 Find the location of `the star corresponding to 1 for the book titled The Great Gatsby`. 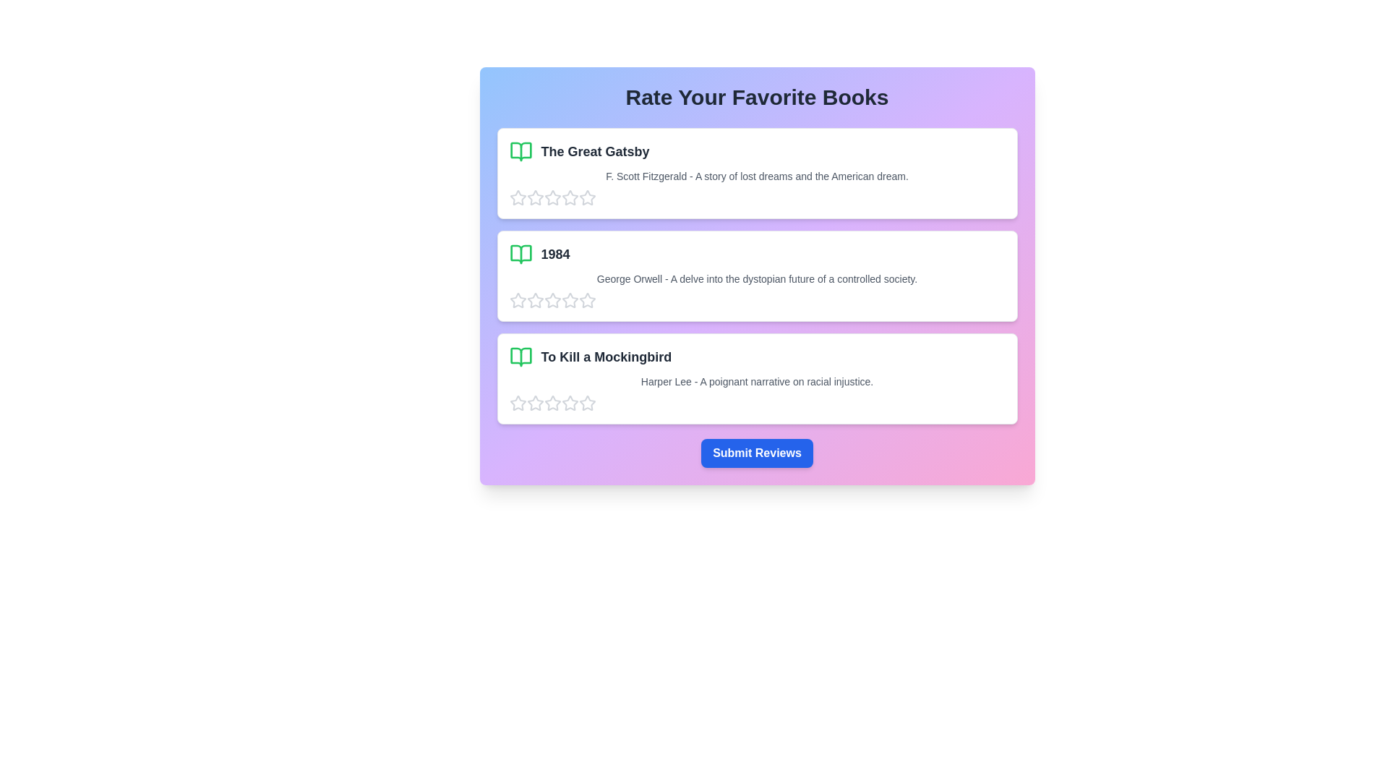

the star corresponding to 1 for the book titled The Great Gatsby is located at coordinates (518, 197).